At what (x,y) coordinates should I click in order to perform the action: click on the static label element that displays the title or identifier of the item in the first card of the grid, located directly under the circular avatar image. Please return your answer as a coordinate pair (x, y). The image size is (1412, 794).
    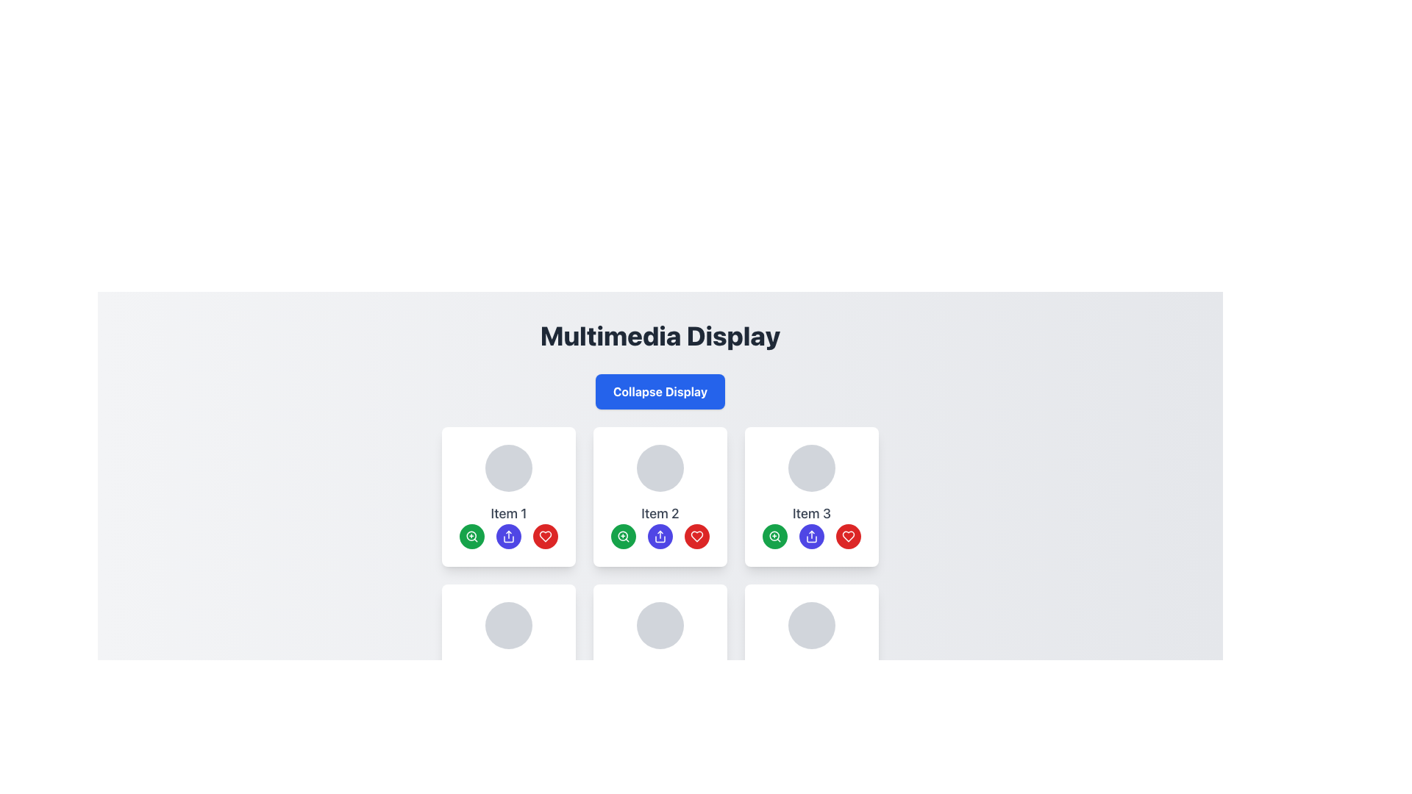
    Looking at the image, I should click on (508, 512).